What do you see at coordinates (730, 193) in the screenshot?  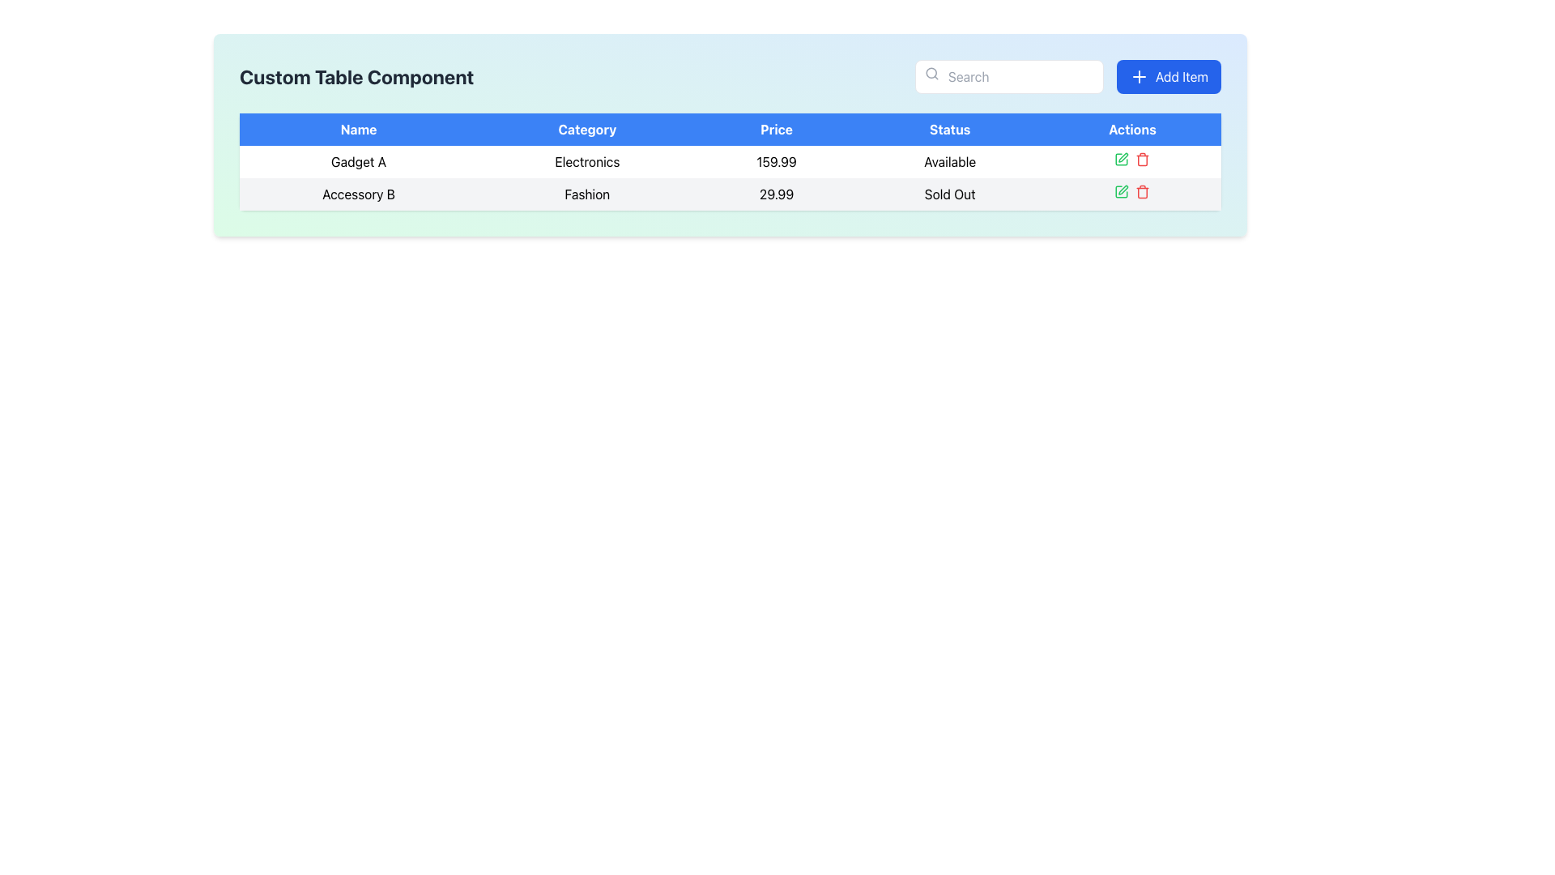 I see `the second row in the table, which contains the columns 'Accessory B', 'Fashion', '29.99', and 'Sold Out'` at bounding box center [730, 193].